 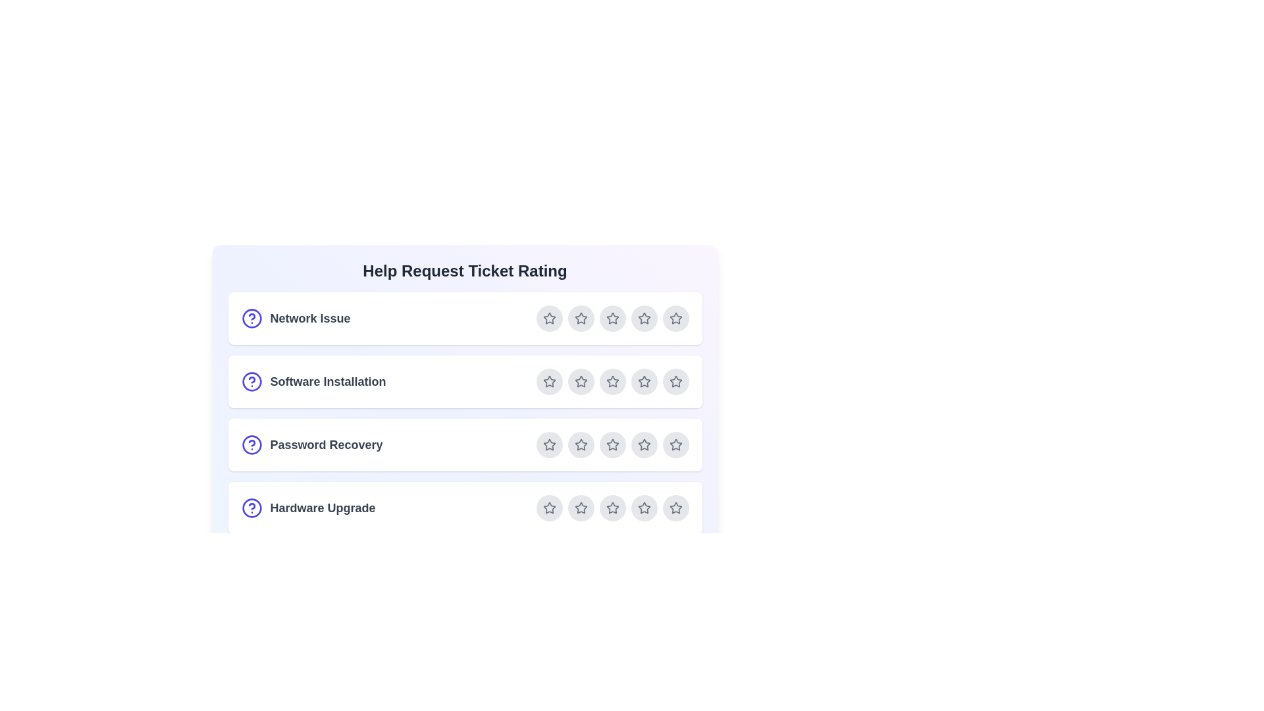 I want to click on the star corresponding to 1 for the ticket Software Installation, so click(x=549, y=381).